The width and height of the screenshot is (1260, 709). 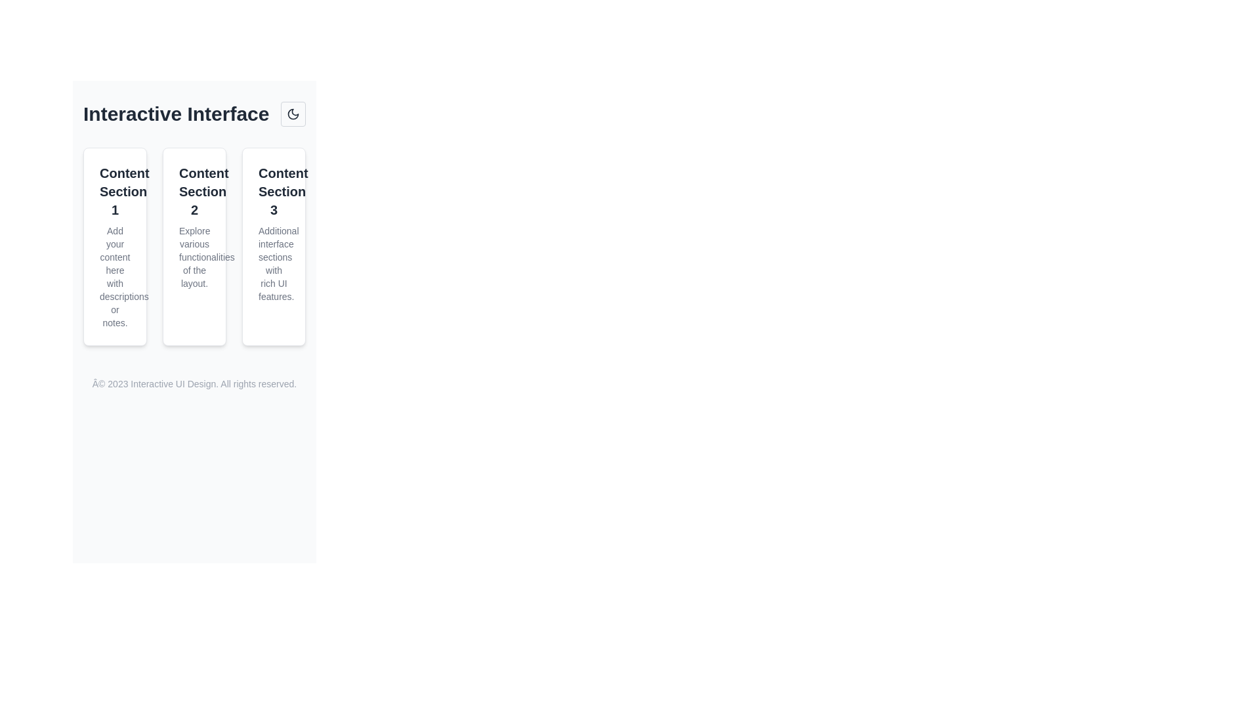 I want to click on the crescent moon icon located in the top-right corner of the 'Interactive Interface' section, so click(x=292, y=113).